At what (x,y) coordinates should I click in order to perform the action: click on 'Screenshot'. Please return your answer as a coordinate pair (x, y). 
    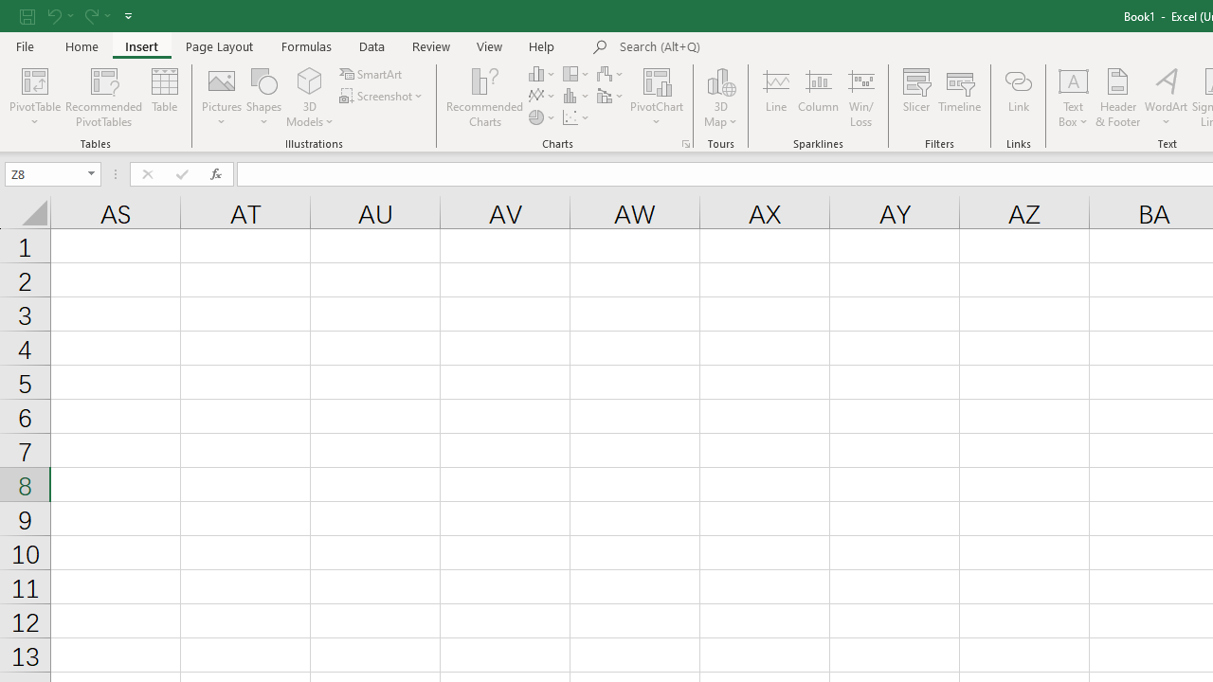
    Looking at the image, I should click on (381, 96).